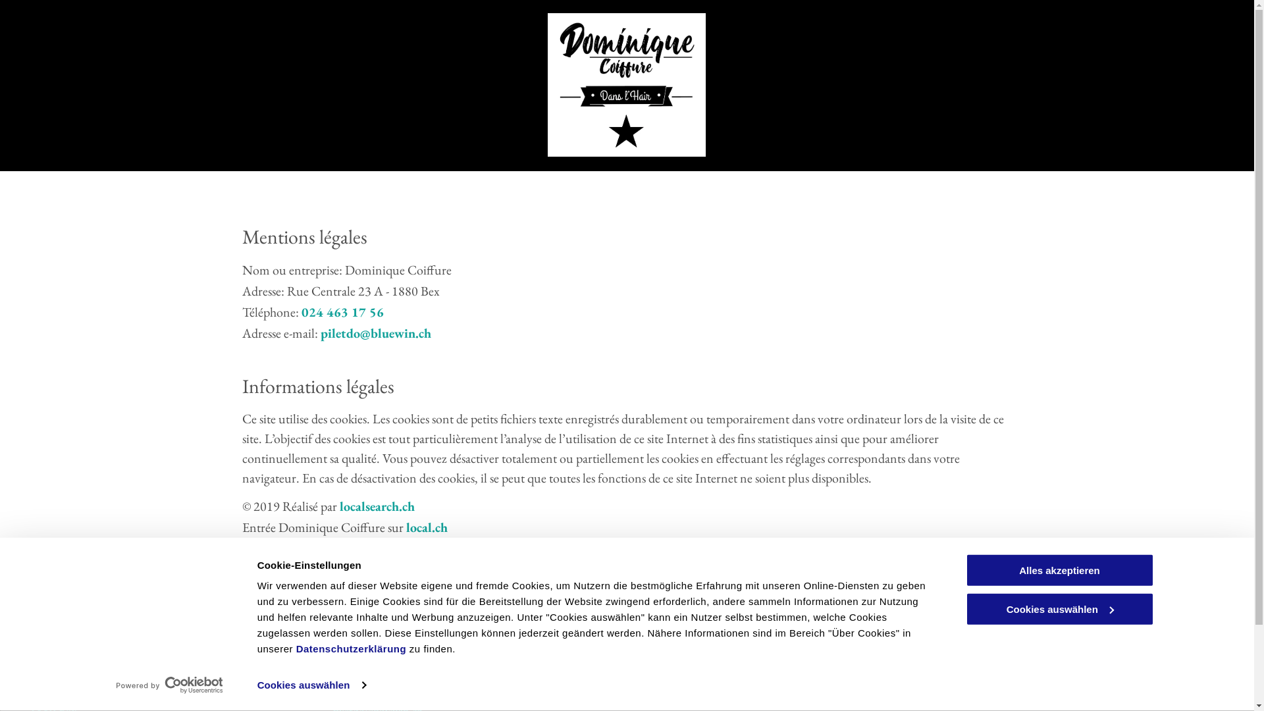 The width and height of the screenshot is (1264, 711). I want to click on 'local.ch', so click(426, 527).